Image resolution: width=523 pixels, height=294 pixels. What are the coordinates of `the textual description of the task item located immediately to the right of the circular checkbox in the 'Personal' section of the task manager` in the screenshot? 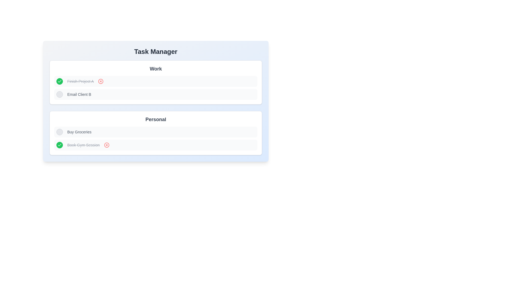 It's located at (79, 132).